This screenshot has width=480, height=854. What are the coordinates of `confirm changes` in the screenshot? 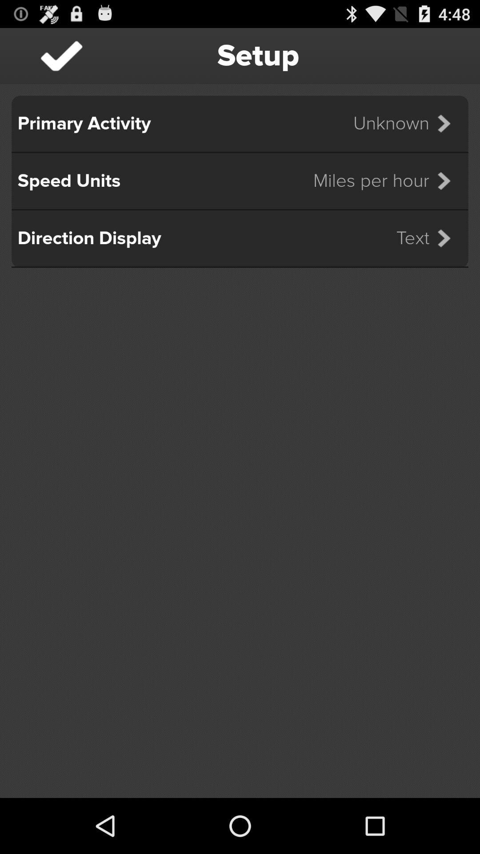 It's located at (61, 55).